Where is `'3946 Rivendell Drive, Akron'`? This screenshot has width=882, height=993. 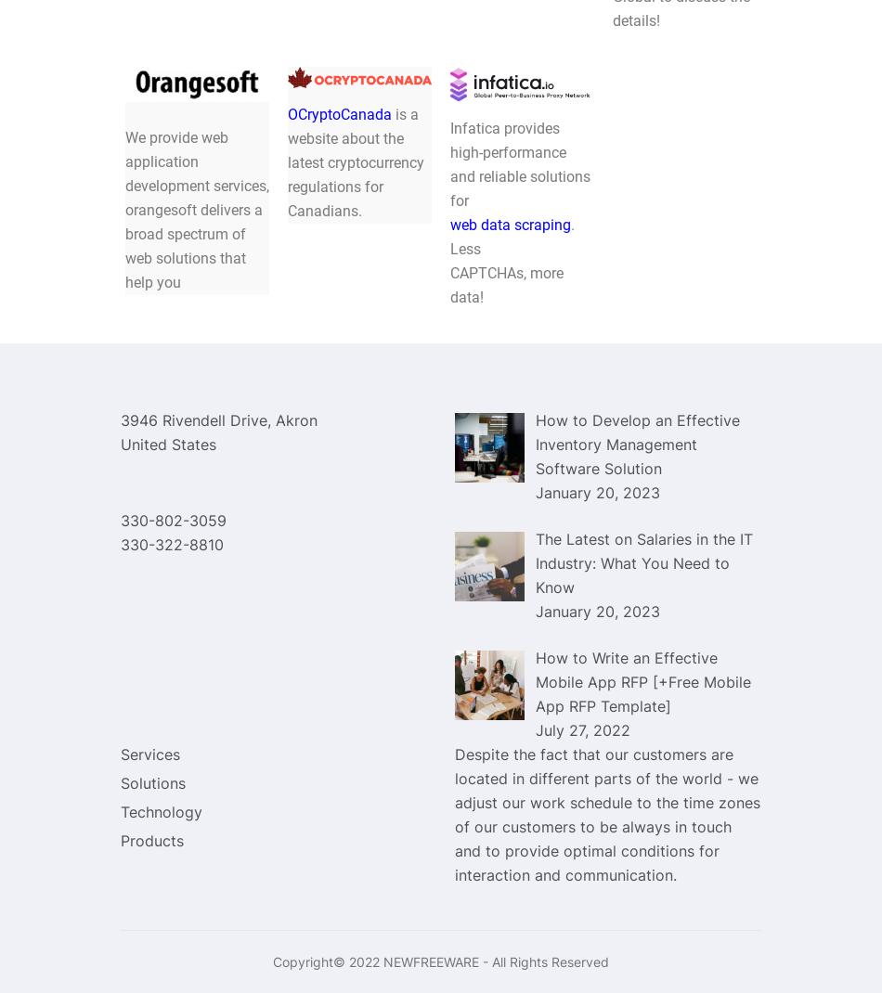 '3946 Rivendell Drive, Akron' is located at coordinates (218, 420).